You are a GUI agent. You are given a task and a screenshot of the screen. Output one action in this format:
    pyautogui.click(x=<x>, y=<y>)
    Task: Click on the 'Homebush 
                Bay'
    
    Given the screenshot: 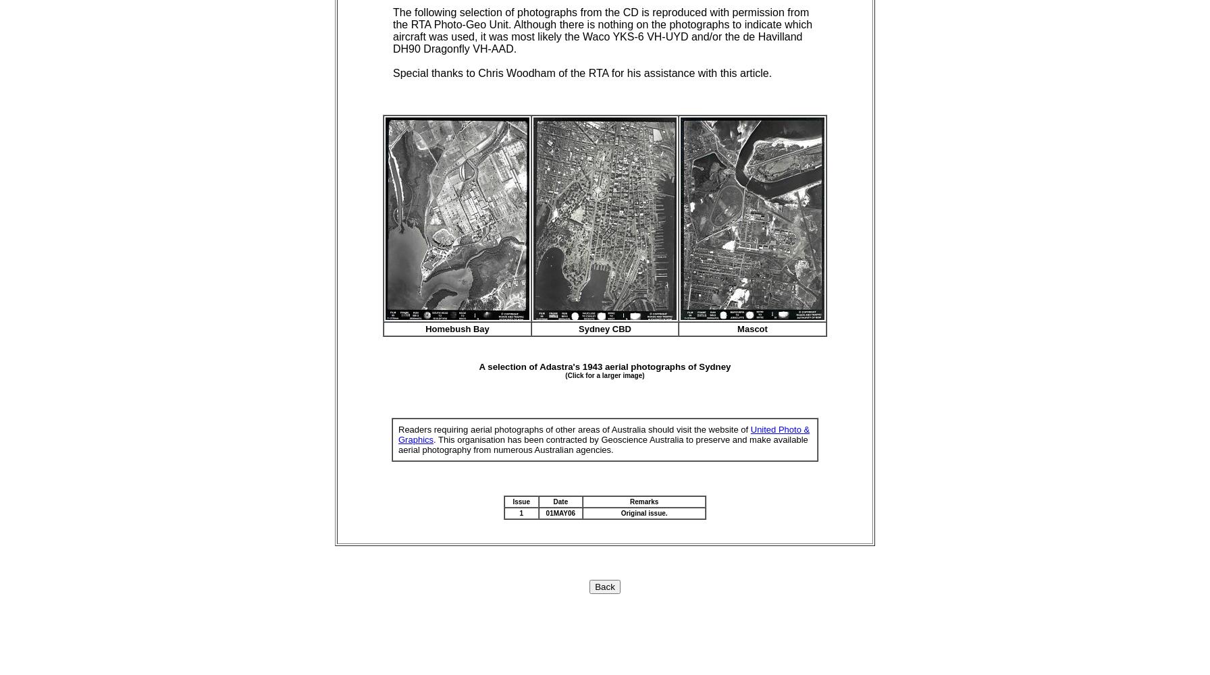 What is the action you would take?
    pyautogui.click(x=425, y=328)
    